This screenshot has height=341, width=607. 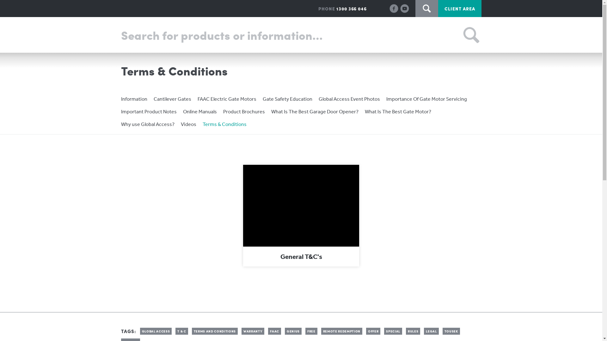 What do you see at coordinates (400, 8) in the screenshot?
I see `'YouTube'` at bounding box center [400, 8].